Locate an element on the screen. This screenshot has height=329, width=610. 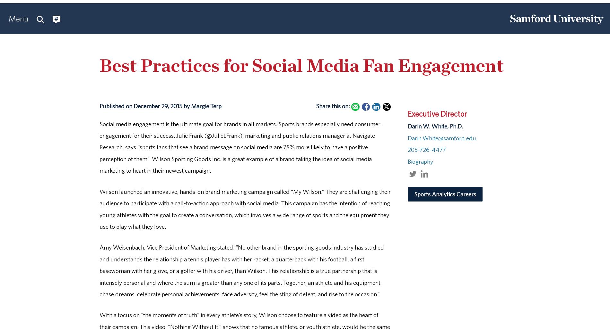
'Menu' is located at coordinates (8, 18).